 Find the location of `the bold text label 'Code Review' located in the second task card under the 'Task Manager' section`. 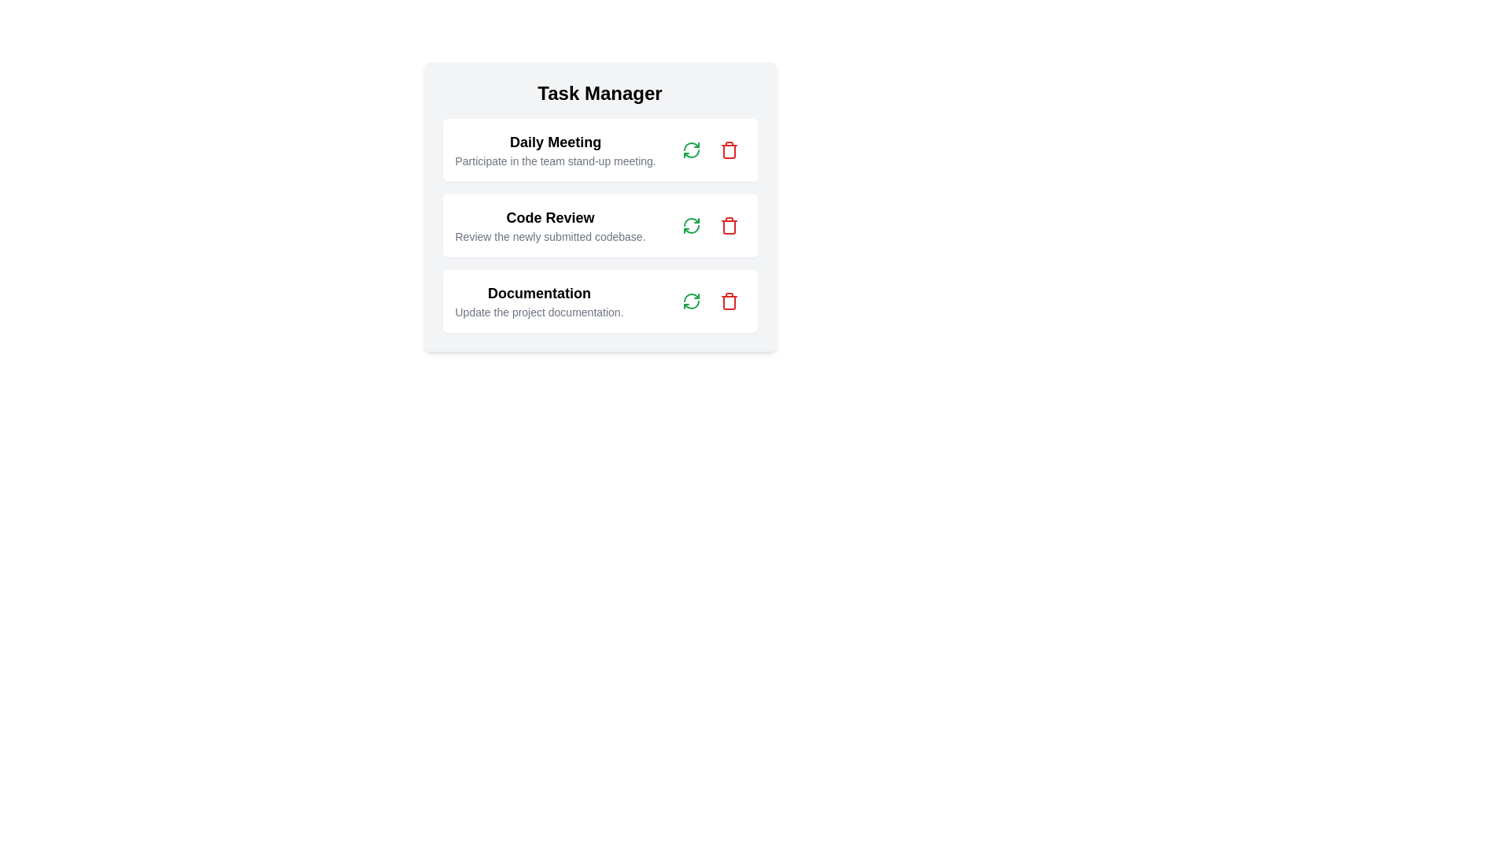

the bold text label 'Code Review' located in the second task card under the 'Task Manager' section is located at coordinates (550, 218).